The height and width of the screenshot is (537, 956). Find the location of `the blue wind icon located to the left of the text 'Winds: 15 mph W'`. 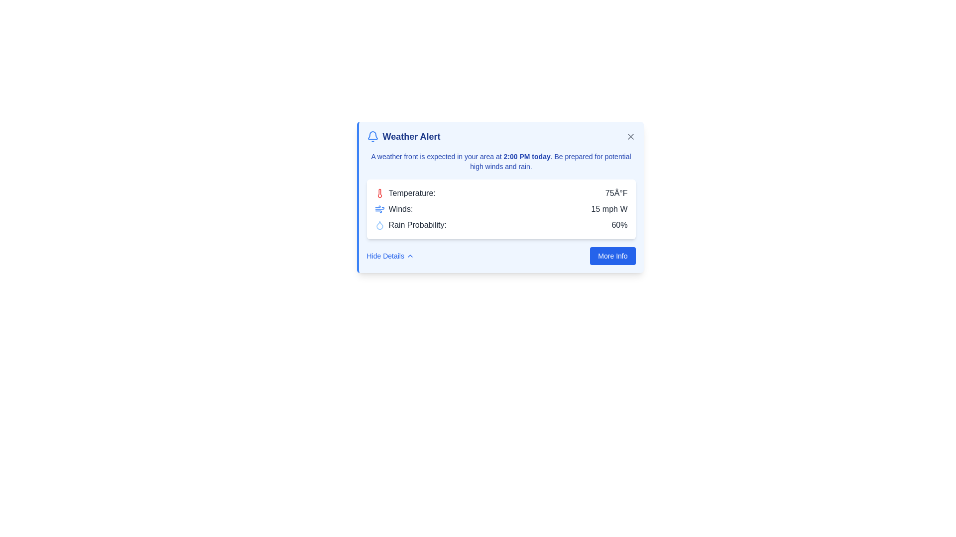

the blue wind icon located to the left of the text 'Winds: 15 mph W' is located at coordinates (379, 208).